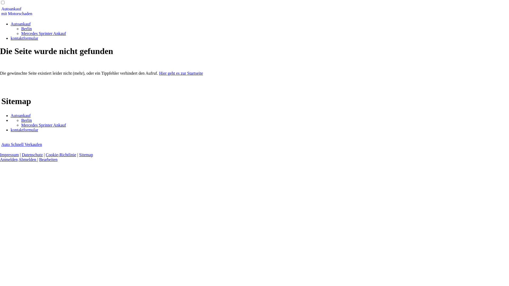 Image resolution: width=509 pixels, height=286 pixels. I want to click on 'Auto Schnell Verkaufen', so click(21, 144).